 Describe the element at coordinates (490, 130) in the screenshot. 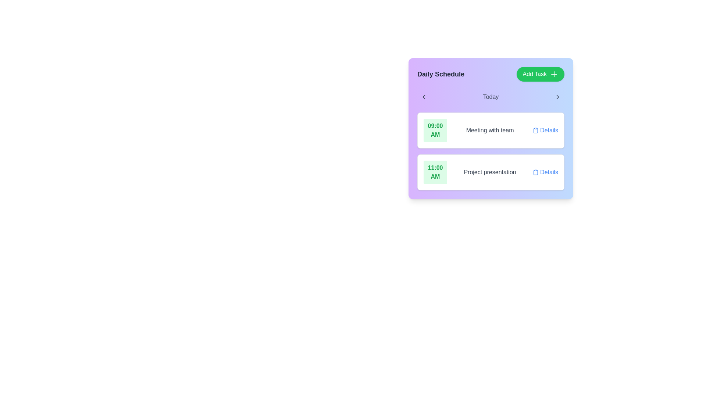

I see `the text label displaying 'Meeting with team', which is styled in gray and positioned in the event block next to a time label and a 'Details' link` at that location.